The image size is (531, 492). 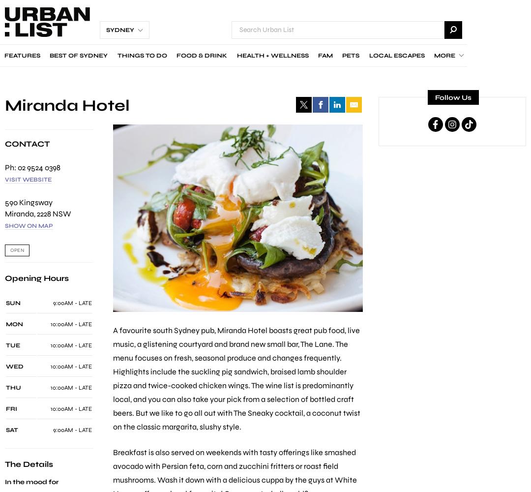 What do you see at coordinates (19, 213) in the screenshot?
I see `'Miranda'` at bounding box center [19, 213].